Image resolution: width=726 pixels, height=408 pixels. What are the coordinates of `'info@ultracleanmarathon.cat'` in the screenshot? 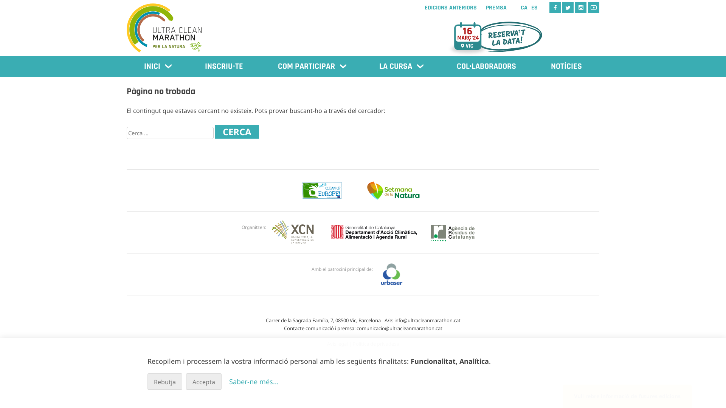 It's located at (427, 320).